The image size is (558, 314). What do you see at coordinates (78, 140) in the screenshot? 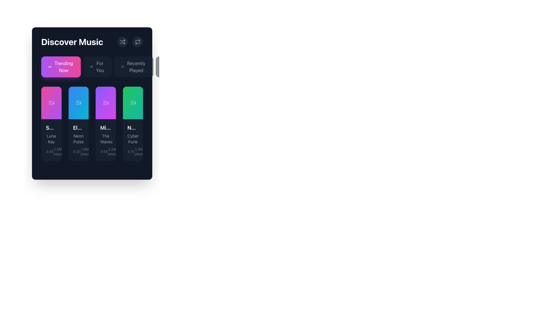
I see `the informational area of the music card, which displays details about the title, artist, and metrics of a music track, located within the second card of a horizontally-aligned grid` at bounding box center [78, 140].